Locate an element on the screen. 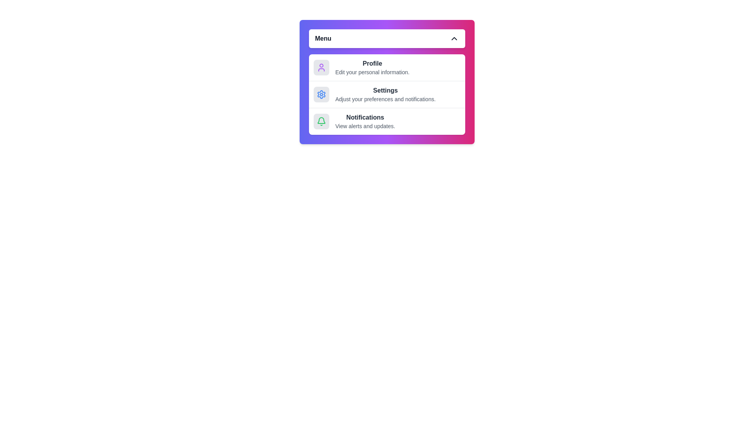  the menu item Notifications is located at coordinates (387, 121).